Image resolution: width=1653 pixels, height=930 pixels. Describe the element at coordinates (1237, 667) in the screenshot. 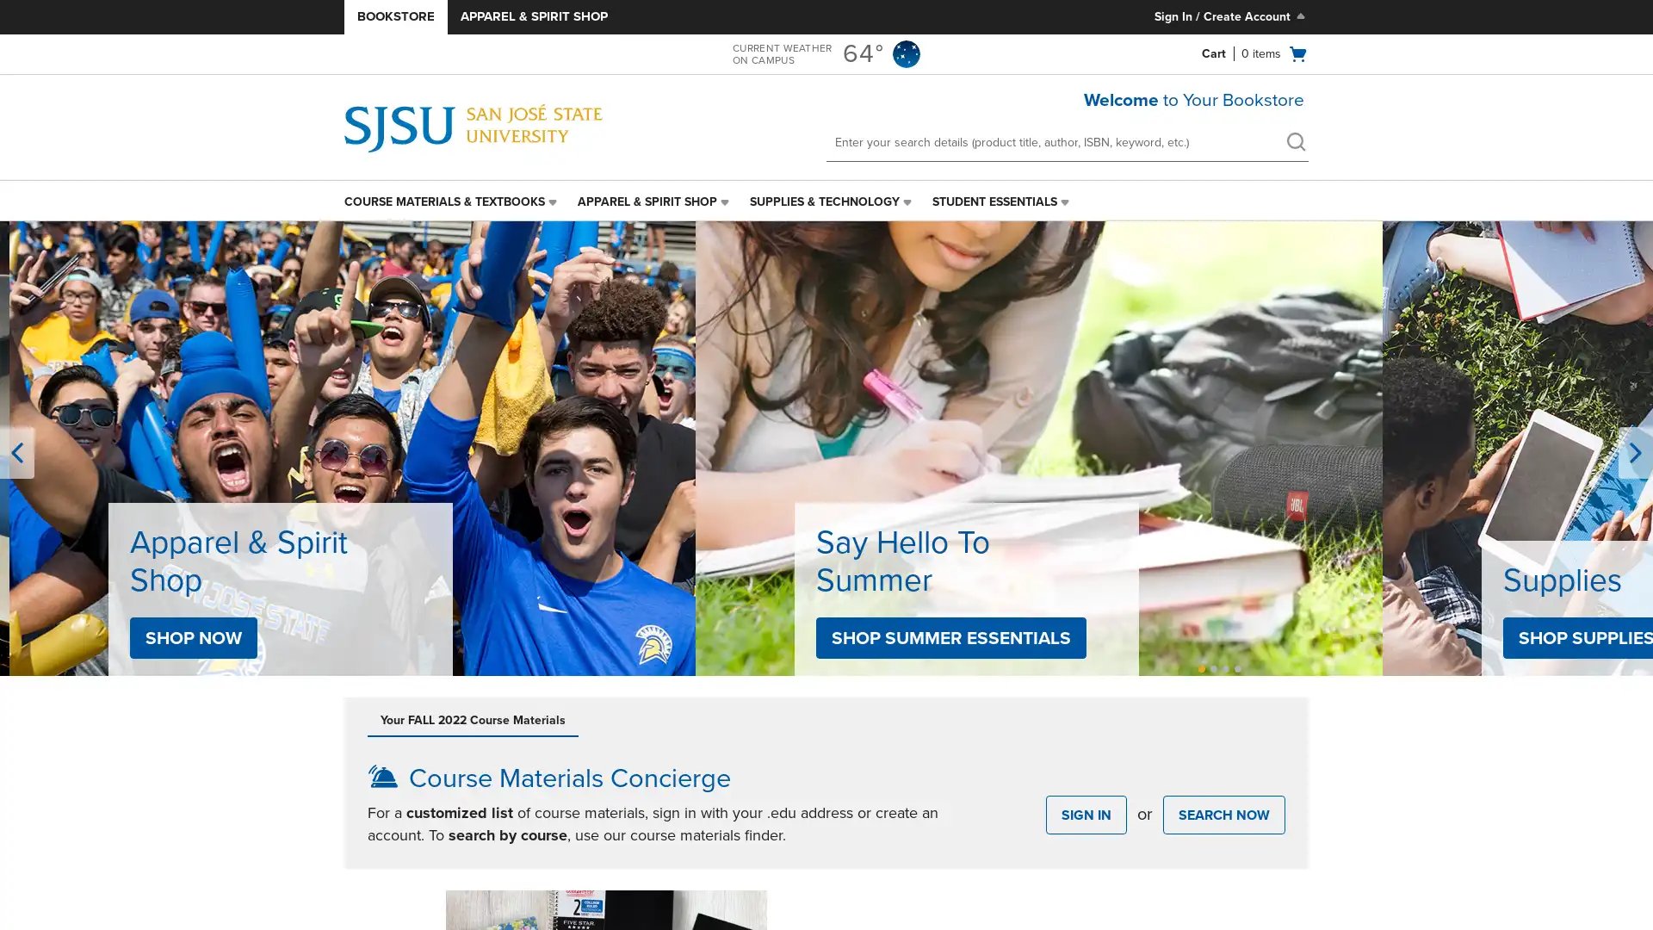

I see `Unselected, Slide 4` at that location.